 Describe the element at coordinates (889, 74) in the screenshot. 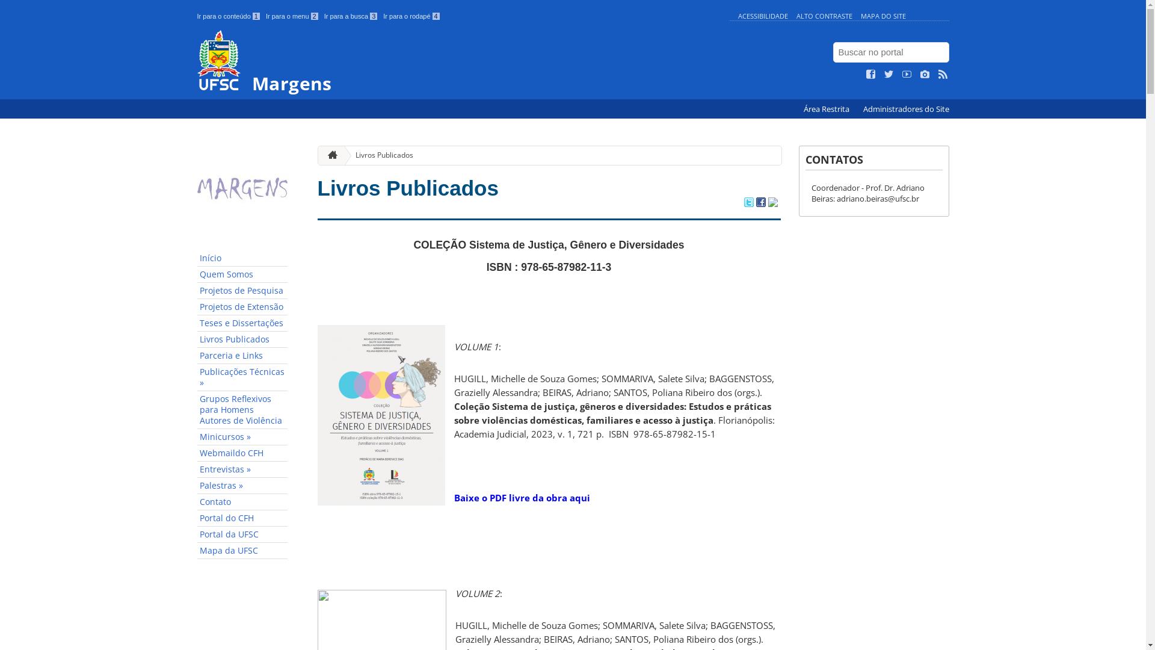

I see `'Siga no Twitter'` at that location.